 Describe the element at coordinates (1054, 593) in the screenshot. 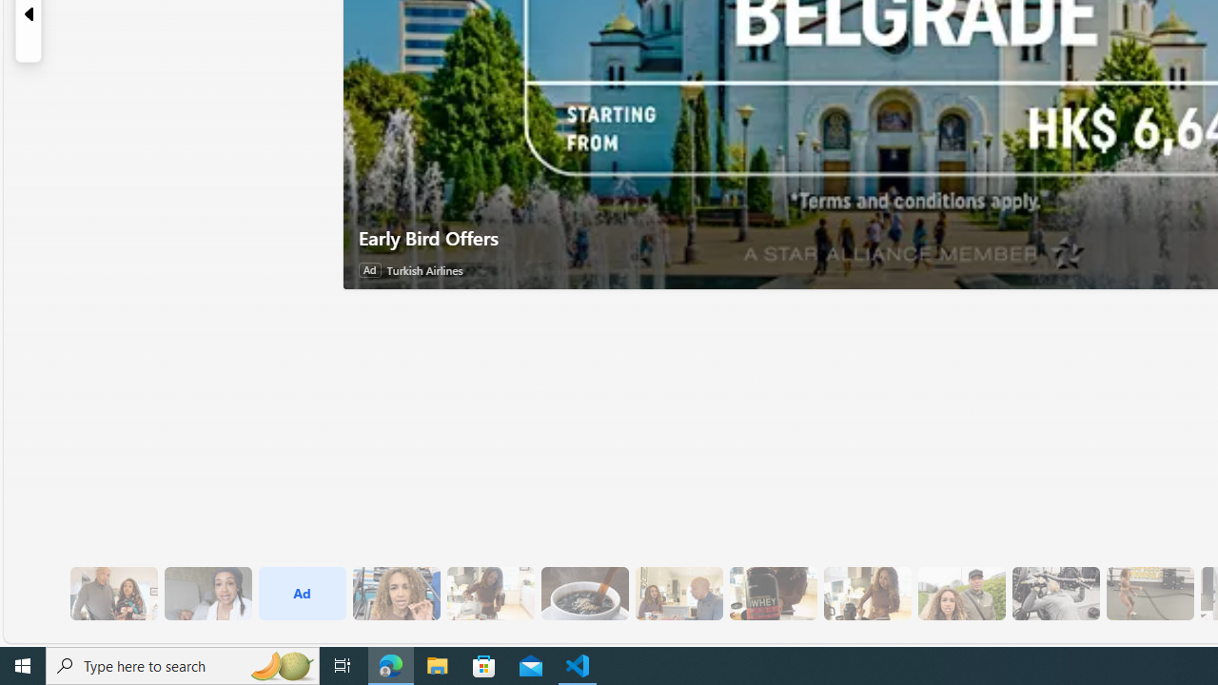

I see `'9 They Do Bench Exercises'` at that location.